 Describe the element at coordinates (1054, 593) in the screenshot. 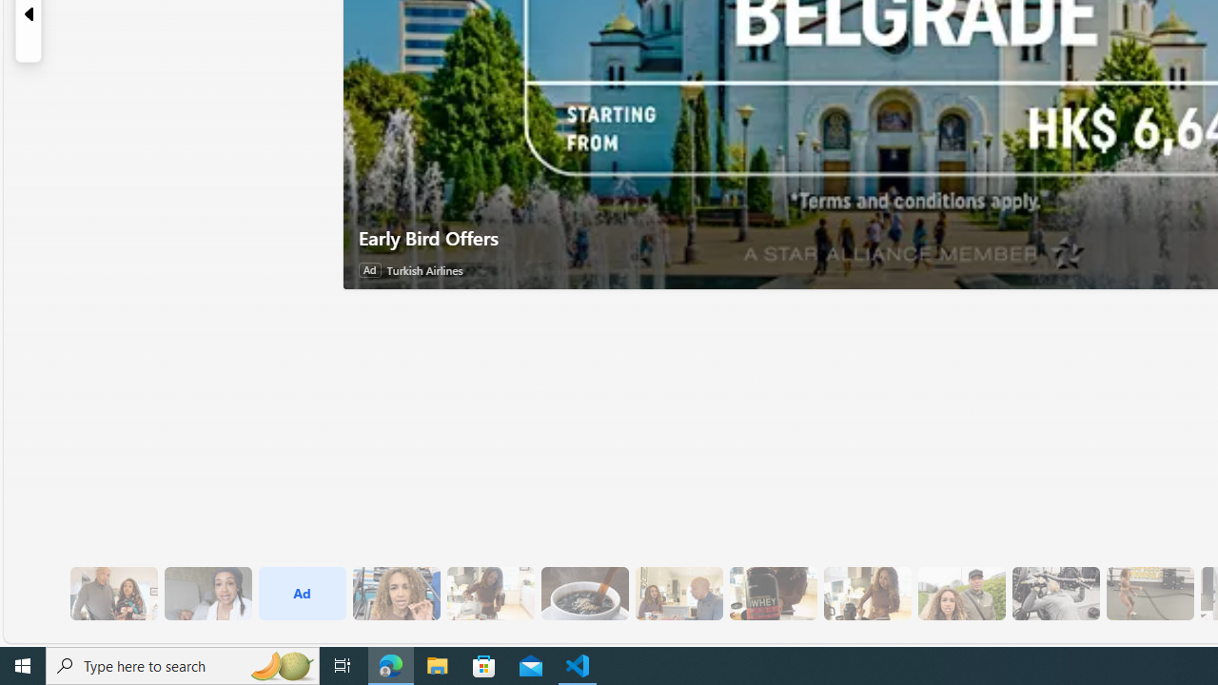

I see `'9 They Do Bench Exercises'` at that location.